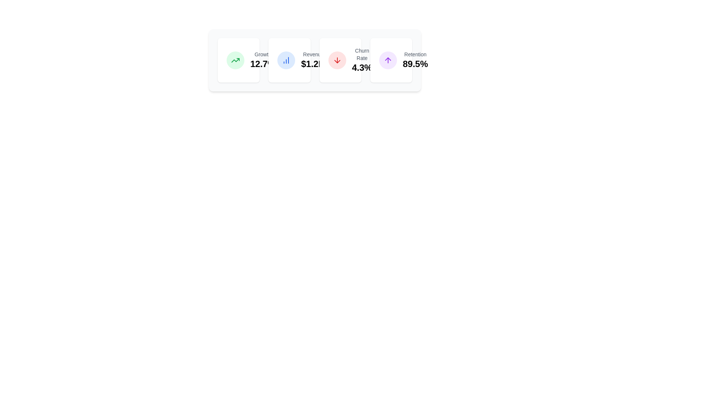 This screenshot has width=711, height=400. I want to click on the static text displaying the retention percentage located in the bottom part of the fourth card from the left labeled 'Retention', so click(415, 64).